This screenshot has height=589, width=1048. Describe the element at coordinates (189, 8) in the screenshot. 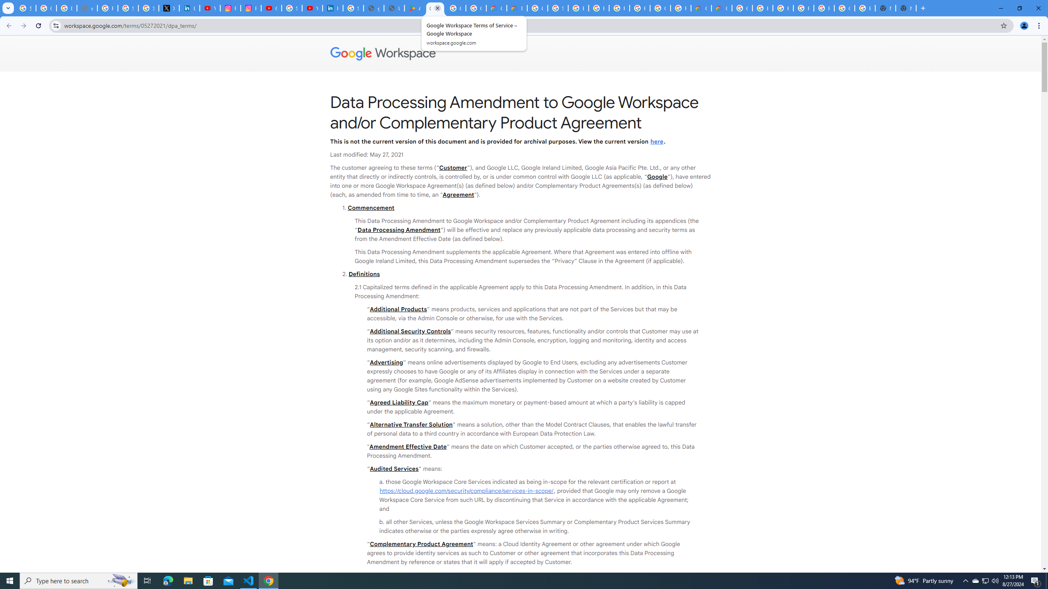

I see `'LinkedIn Privacy Policy'` at that location.